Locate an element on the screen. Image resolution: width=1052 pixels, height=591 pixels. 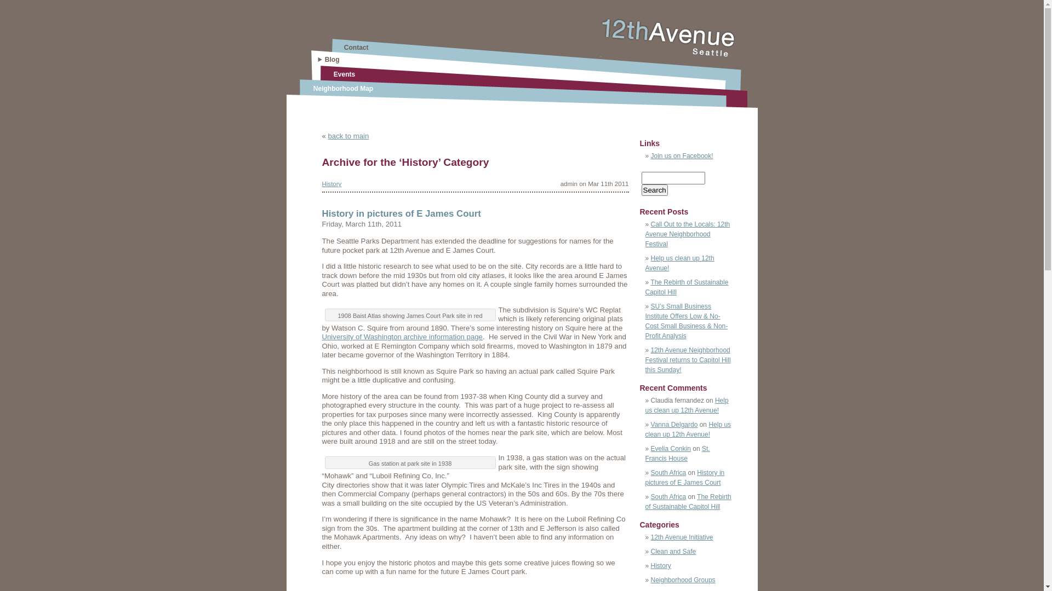
'12th Avenue Home' is located at coordinates (599, 54).